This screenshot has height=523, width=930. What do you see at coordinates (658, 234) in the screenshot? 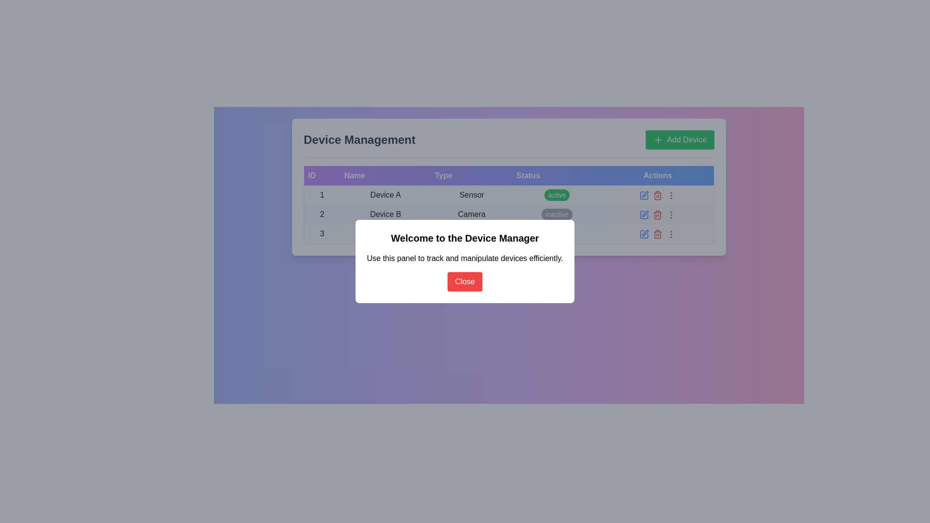
I see `the delete icon button located in the third row of the 'Actions' column in the table` at bounding box center [658, 234].